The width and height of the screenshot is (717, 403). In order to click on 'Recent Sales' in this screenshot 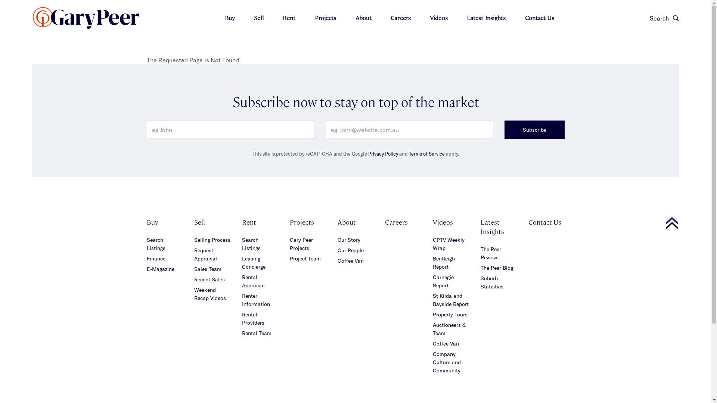, I will do `click(194, 279)`.